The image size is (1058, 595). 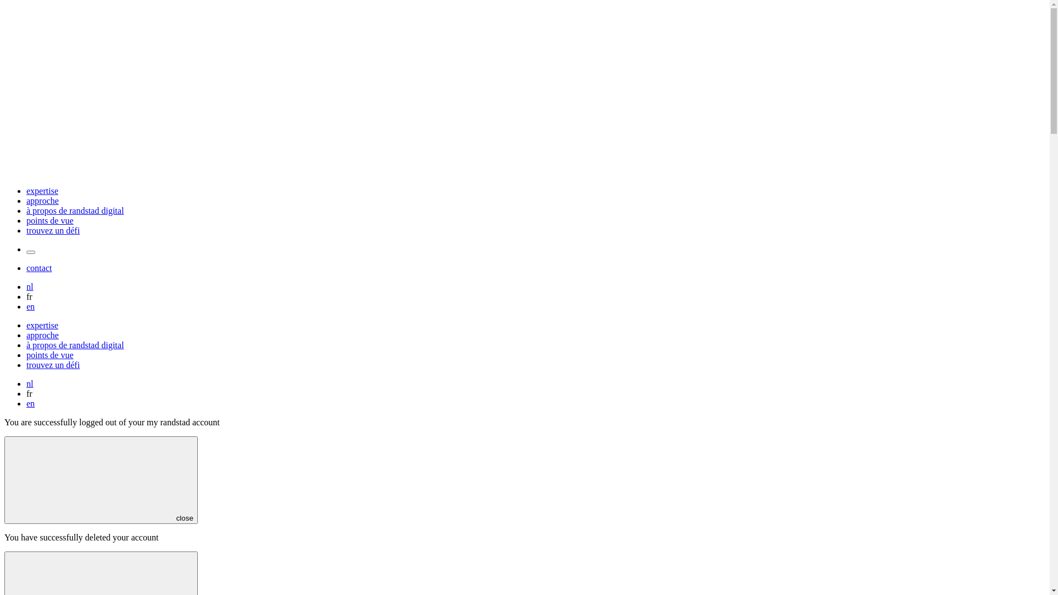 I want to click on 'points de vue', so click(x=49, y=355).